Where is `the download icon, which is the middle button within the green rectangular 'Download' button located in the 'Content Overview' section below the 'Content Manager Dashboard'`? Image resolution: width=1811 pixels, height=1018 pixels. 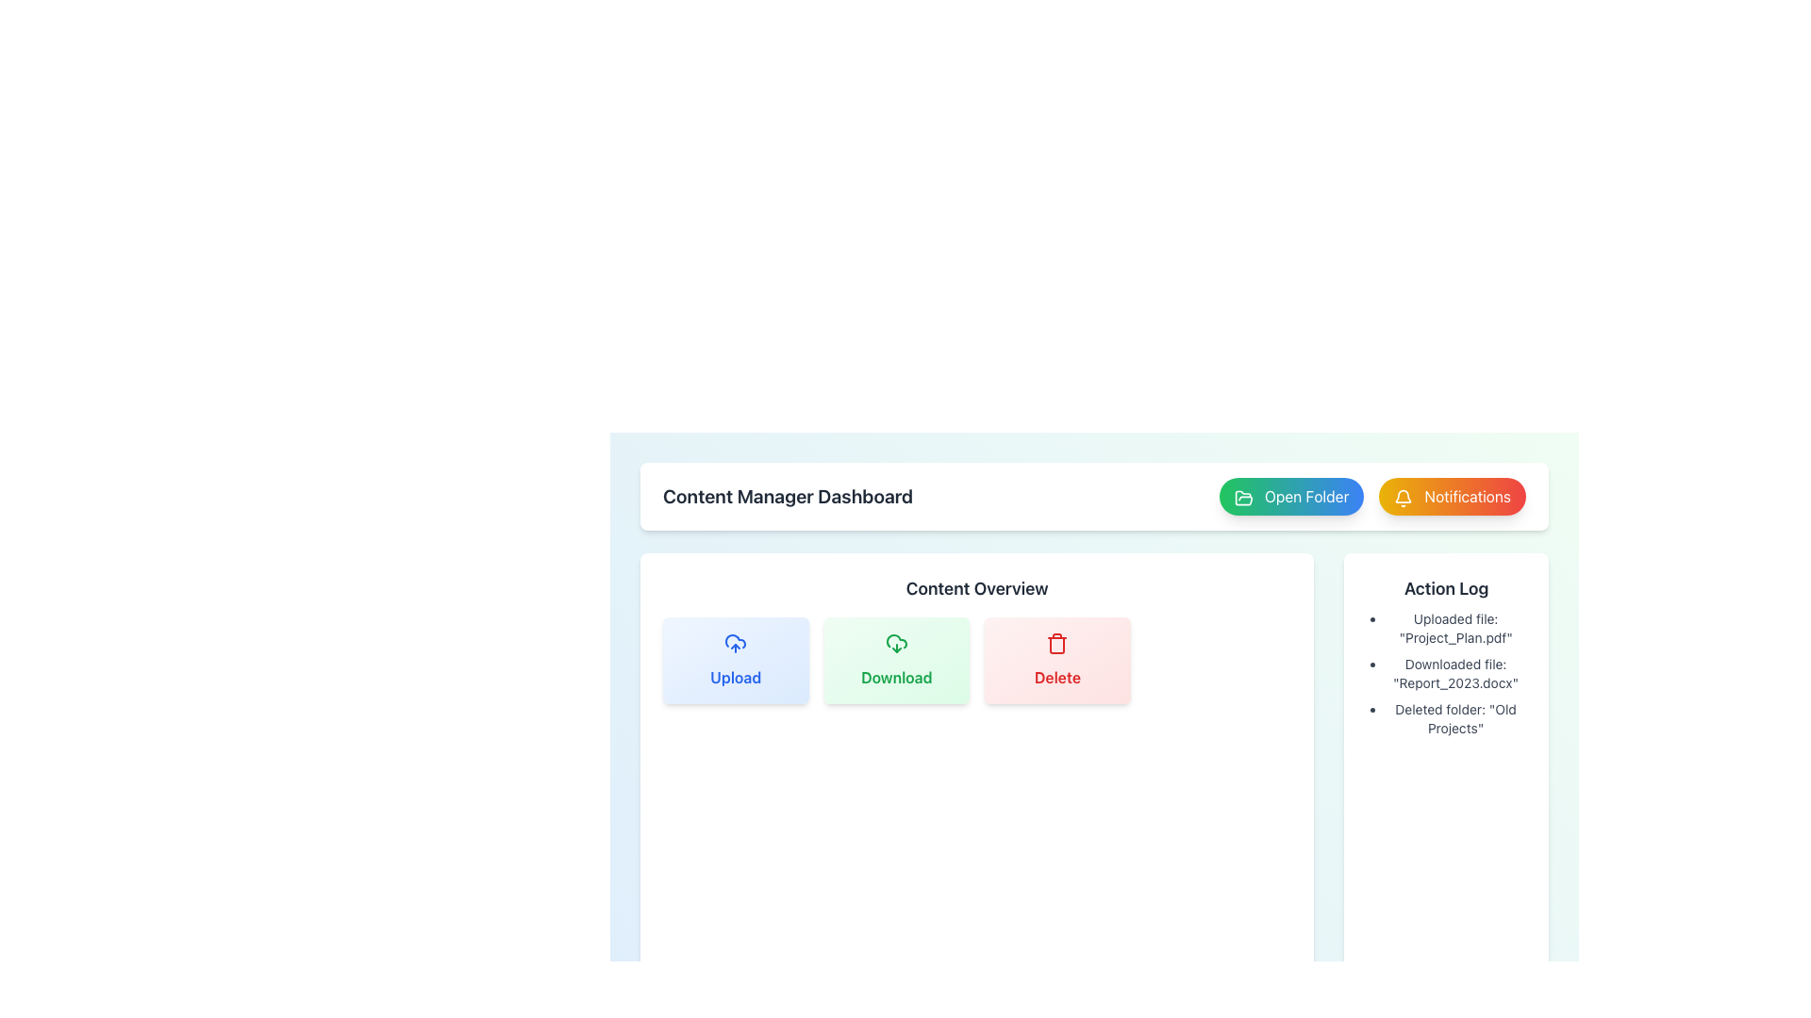 the download icon, which is the middle button within the green rectangular 'Download' button located in the 'Content Overview' section below the 'Content Manager Dashboard' is located at coordinates (895, 642).